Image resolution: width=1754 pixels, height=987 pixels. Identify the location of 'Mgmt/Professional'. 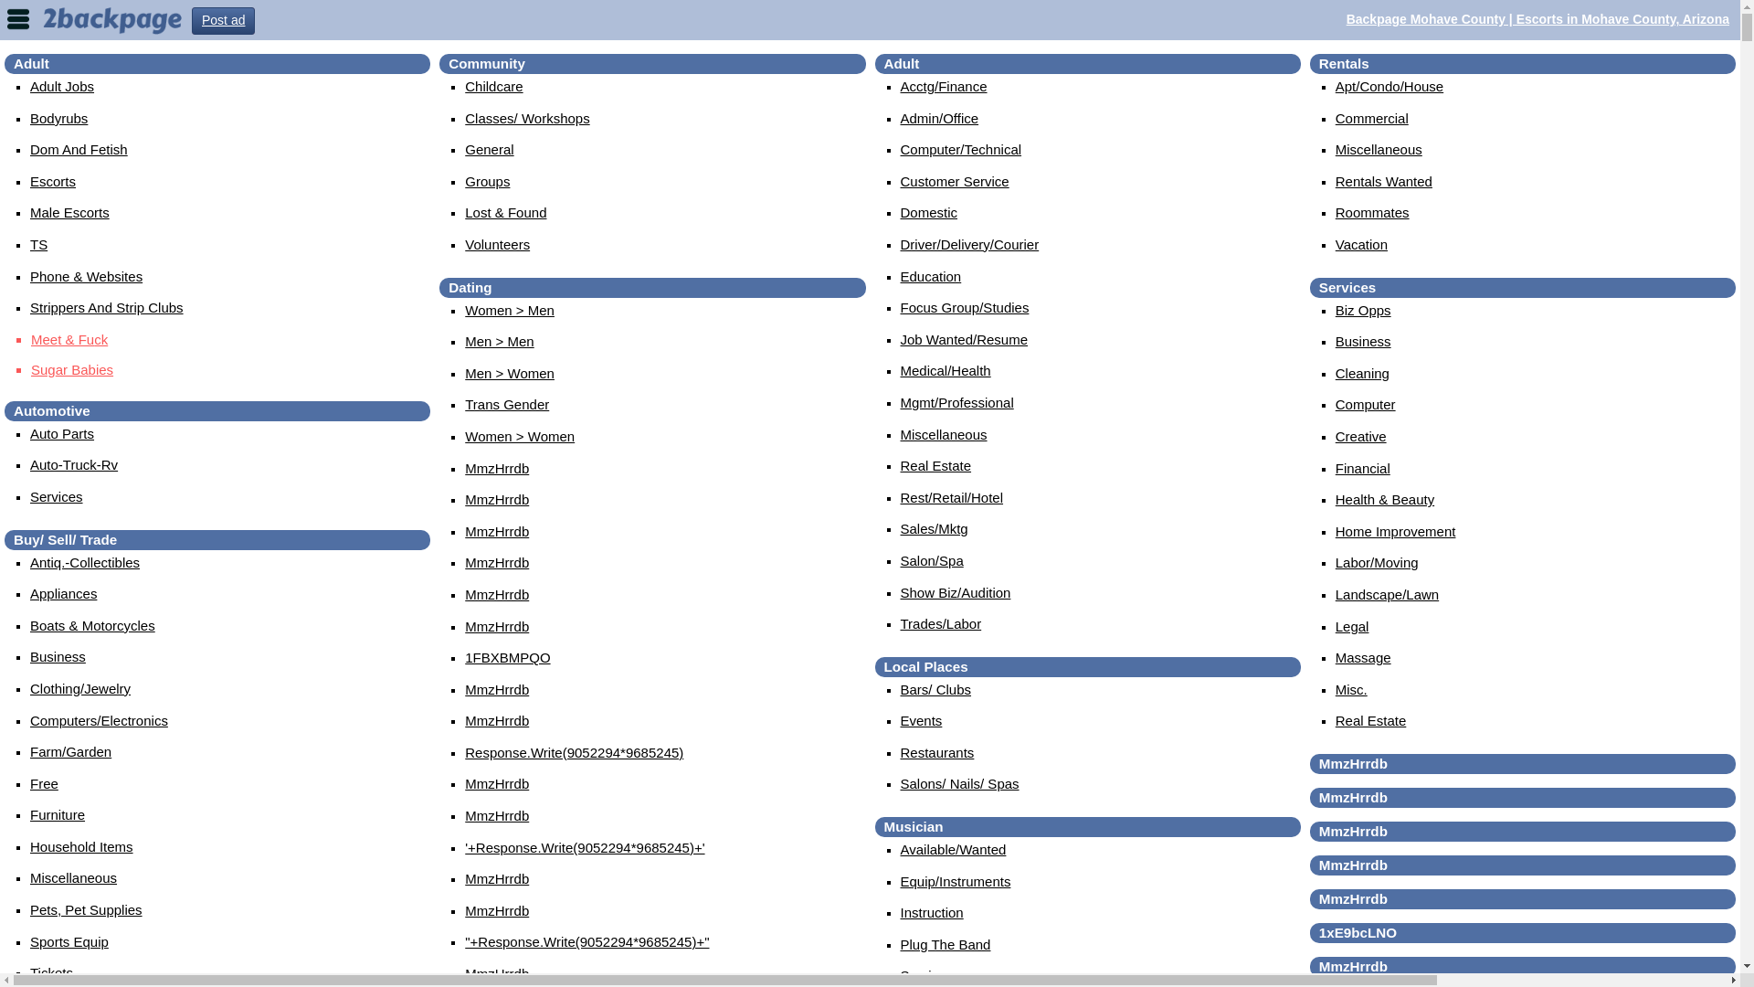
(956, 401).